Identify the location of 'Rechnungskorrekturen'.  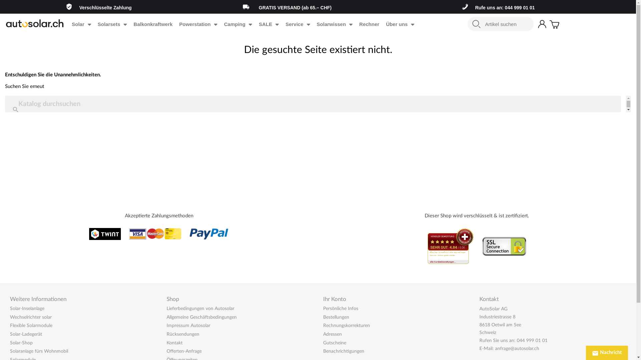
(346, 325).